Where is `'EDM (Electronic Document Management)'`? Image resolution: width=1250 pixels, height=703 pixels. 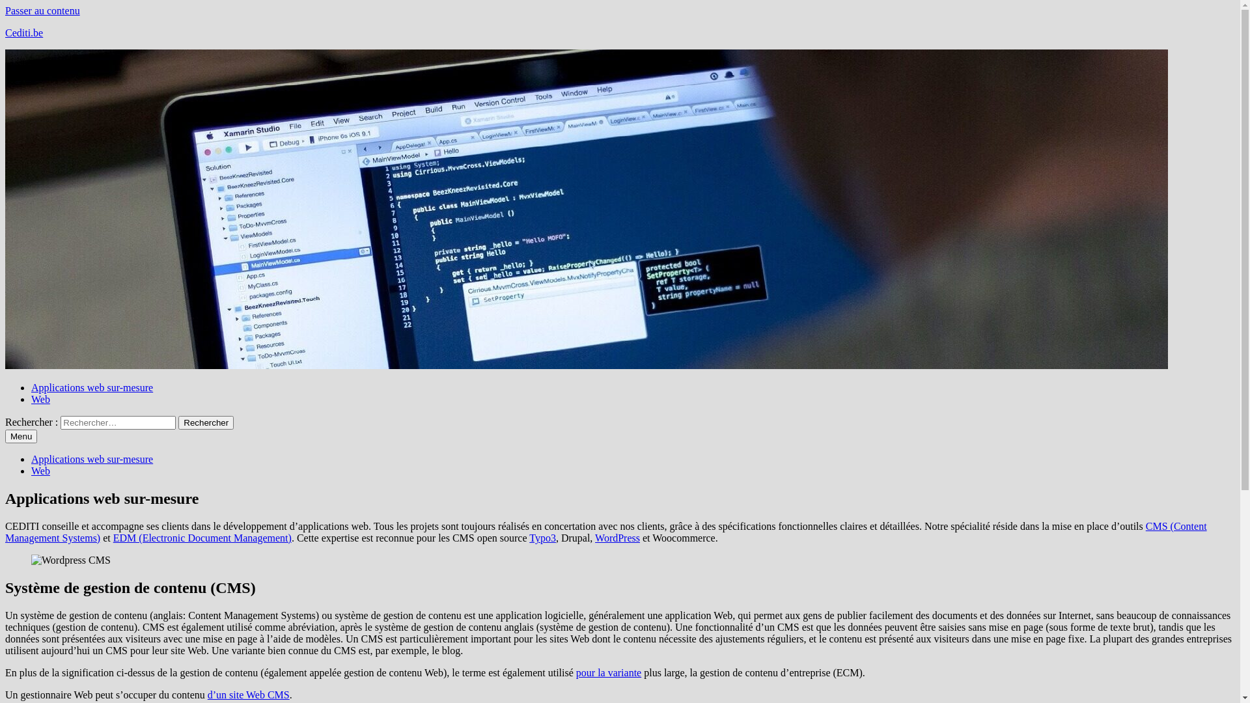
'EDM (Electronic Document Management)' is located at coordinates (202, 538).